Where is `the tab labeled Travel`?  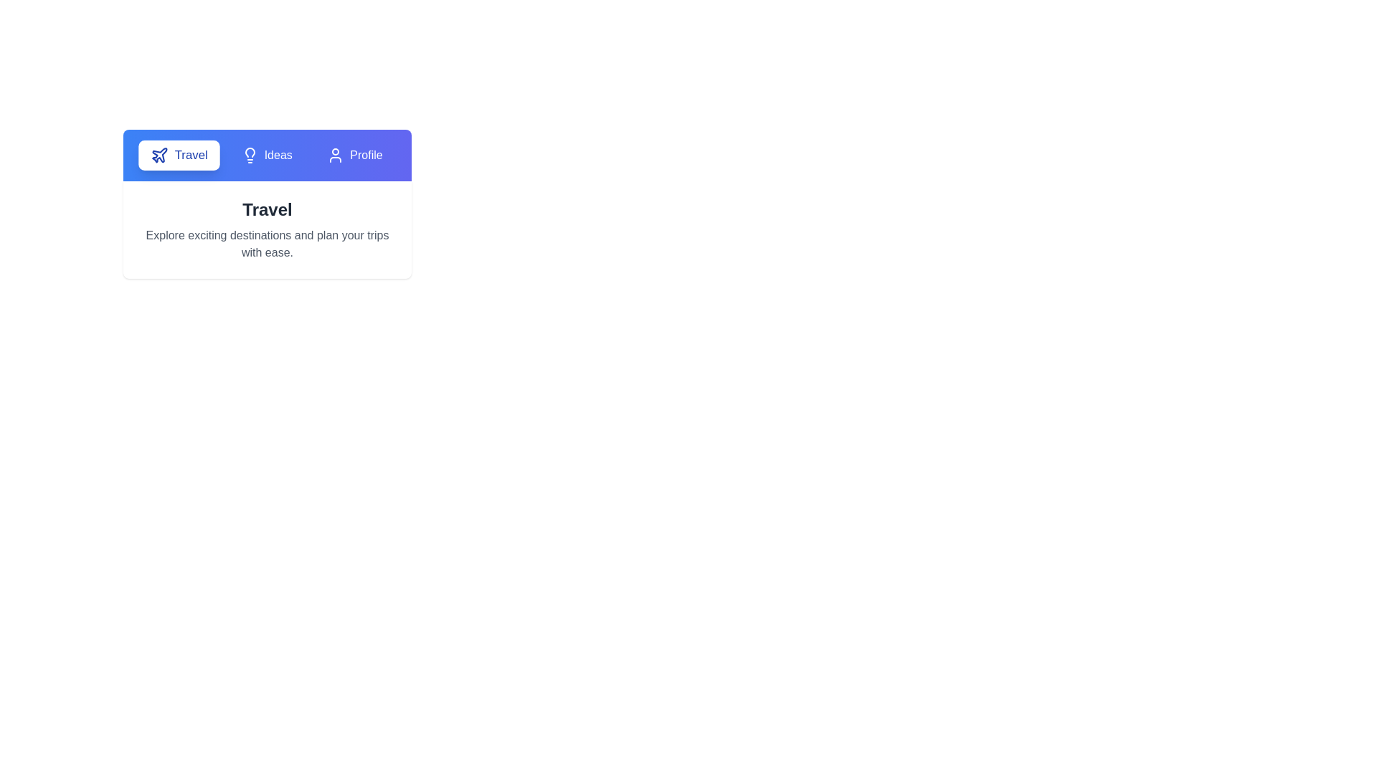
the tab labeled Travel is located at coordinates (178, 155).